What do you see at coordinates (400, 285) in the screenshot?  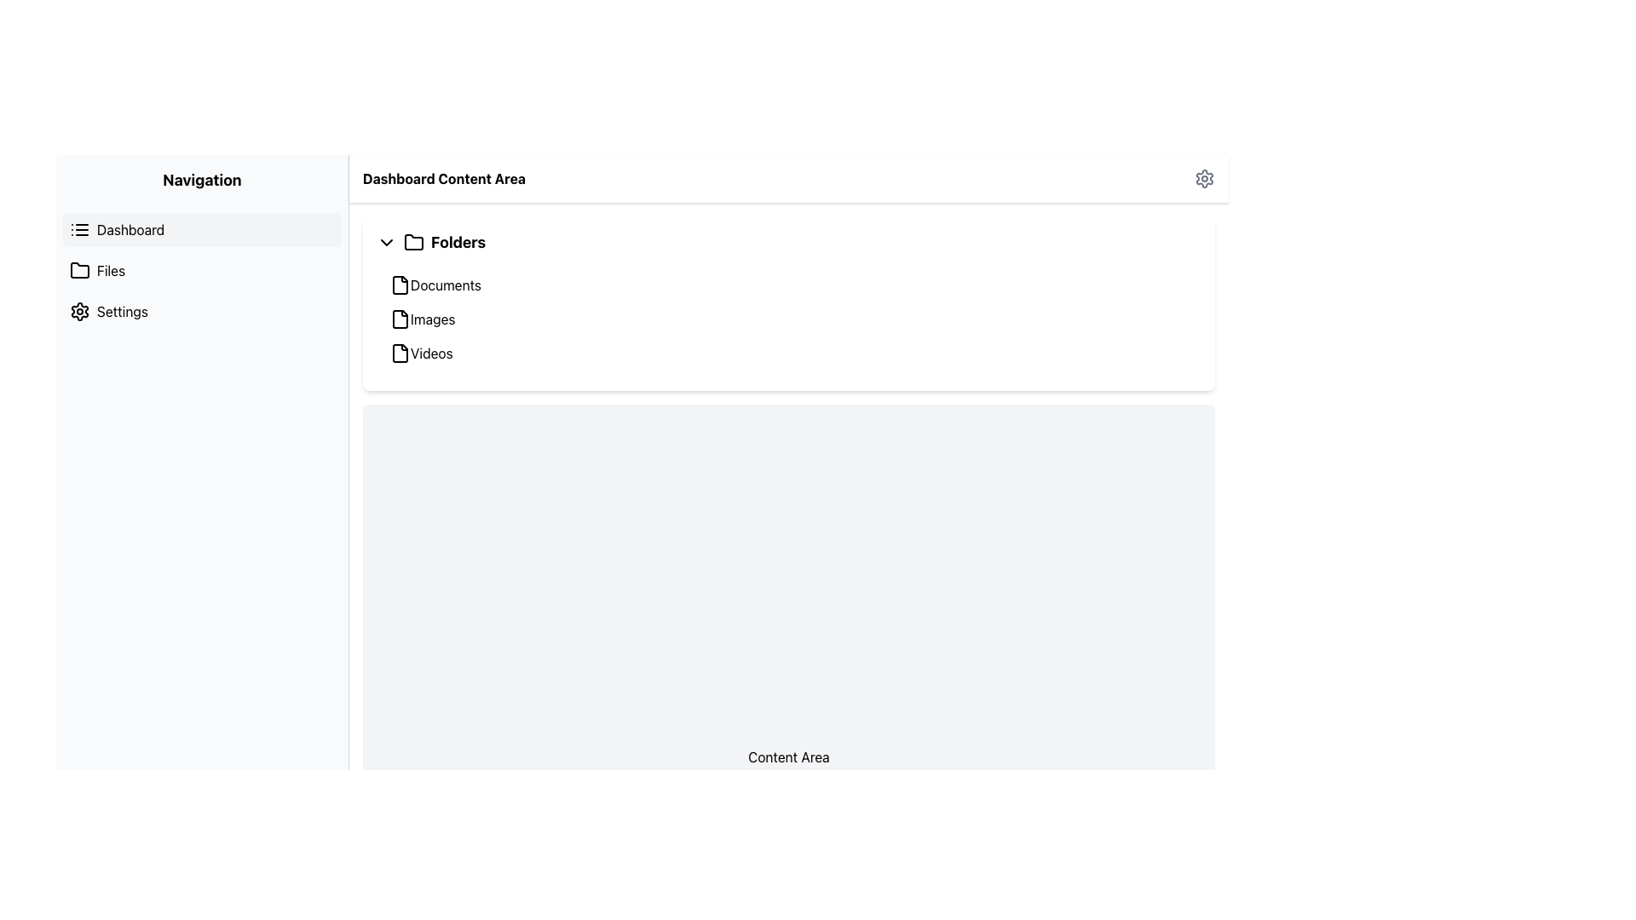 I see `the document icon in the 'Folders' section of the 'Dashboard Content Area' to potentially display related information` at bounding box center [400, 285].